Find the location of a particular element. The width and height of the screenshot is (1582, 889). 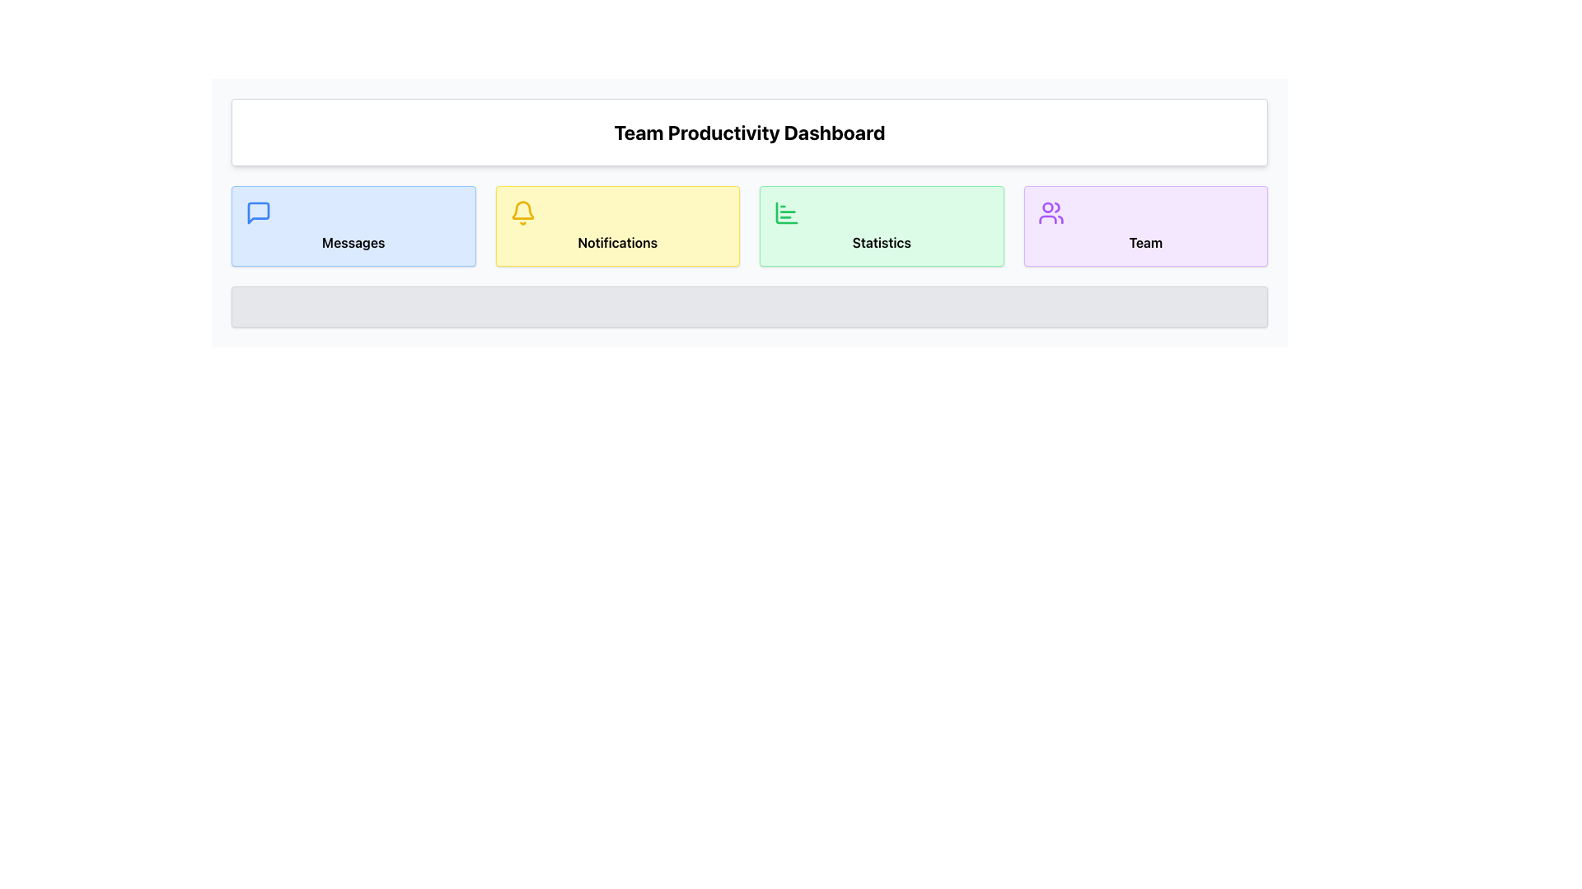

the purple-colored icon representing a group of people, which is located on the top-left side of the 'Team' card in the 'Team Productivity Dashboard' is located at coordinates (1050, 212).